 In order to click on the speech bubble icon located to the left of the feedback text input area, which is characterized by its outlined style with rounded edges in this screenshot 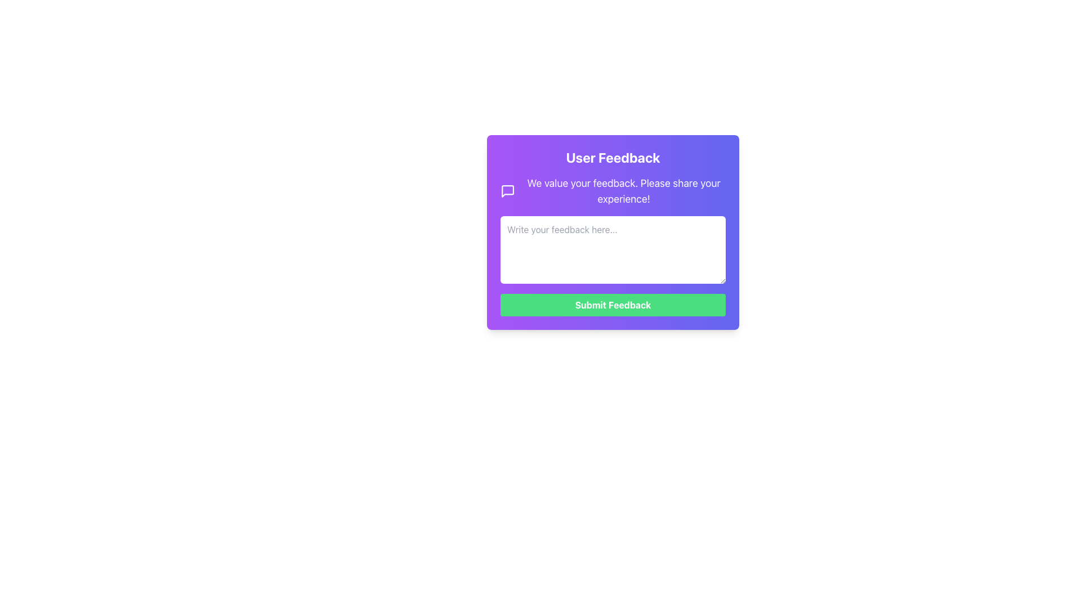, I will do `click(507, 190)`.